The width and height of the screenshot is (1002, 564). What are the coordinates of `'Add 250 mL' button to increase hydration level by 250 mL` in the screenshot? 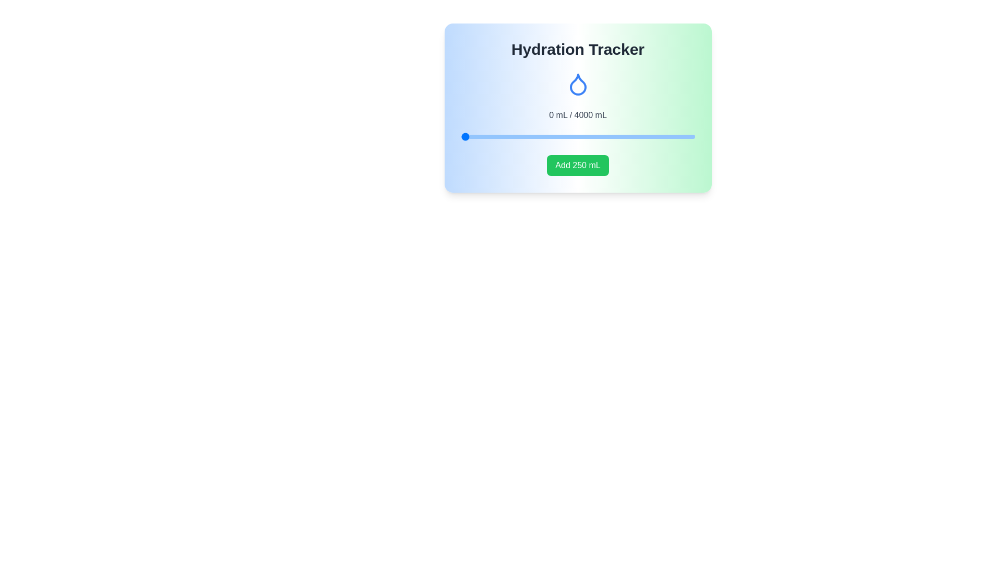 It's located at (577, 164).